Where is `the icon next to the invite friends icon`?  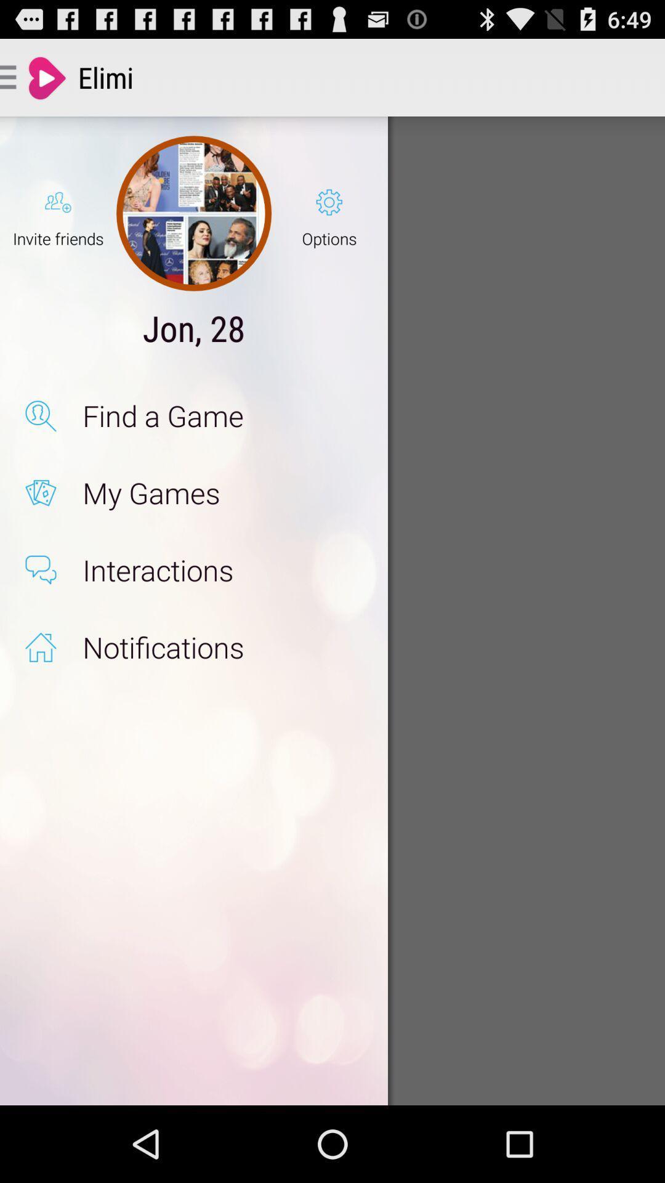 the icon next to the invite friends icon is located at coordinates (194, 213).